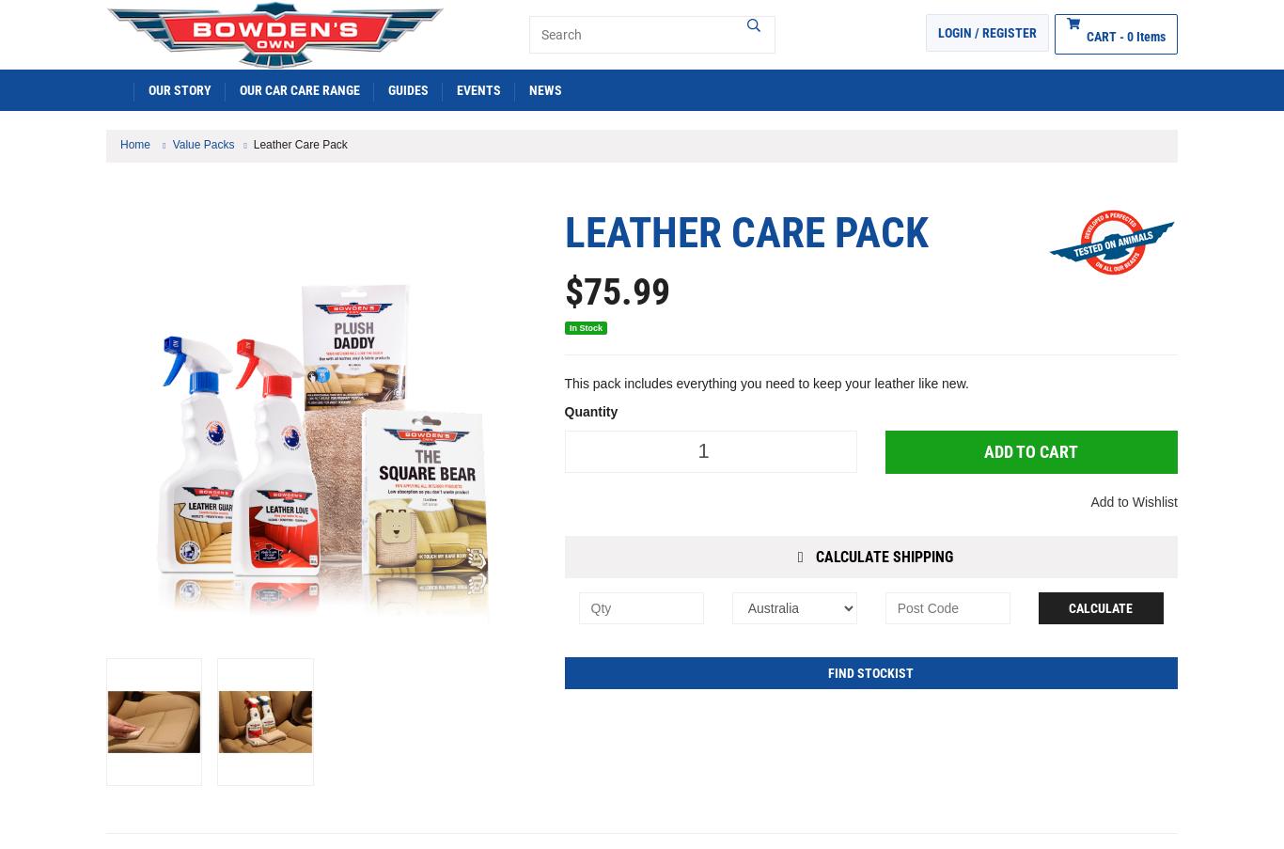 This screenshot has height=849, width=1284. What do you see at coordinates (299, 88) in the screenshot?
I see `'OUR CAR CARE RANGE'` at bounding box center [299, 88].